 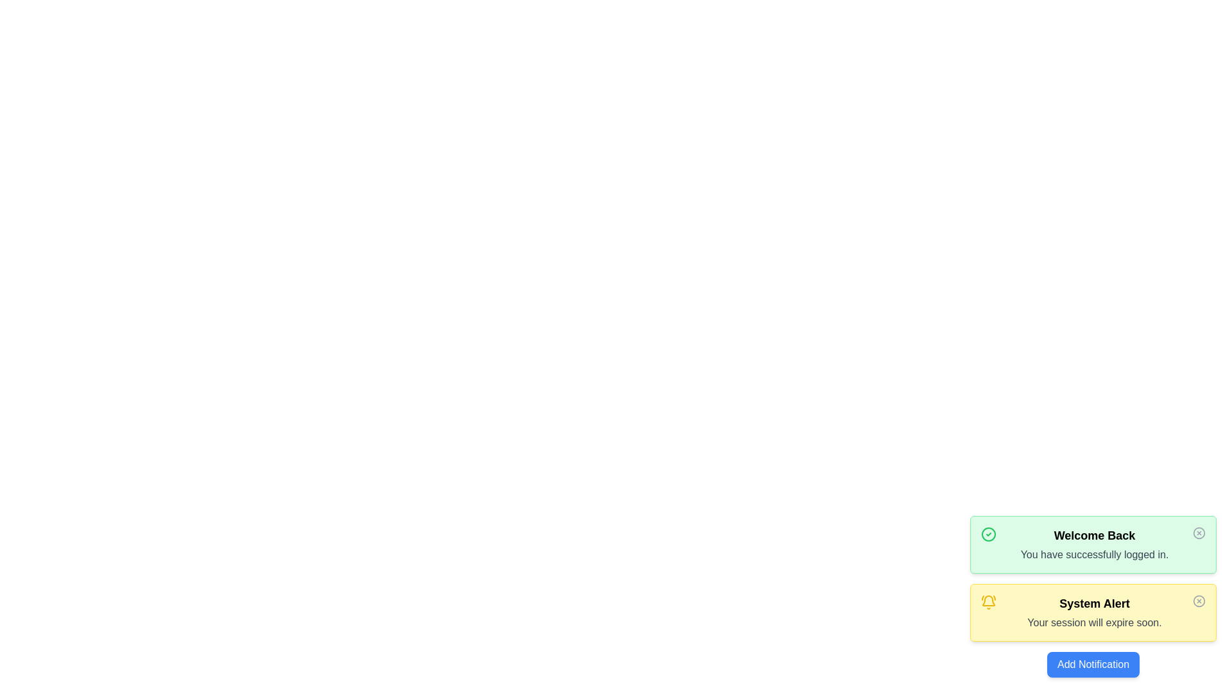 What do you see at coordinates (1093, 622) in the screenshot?
I see `static text label within the yellow 'System Alert' notification box that states 'Your session will expire soon.'` at bounding box center [1093, 622].